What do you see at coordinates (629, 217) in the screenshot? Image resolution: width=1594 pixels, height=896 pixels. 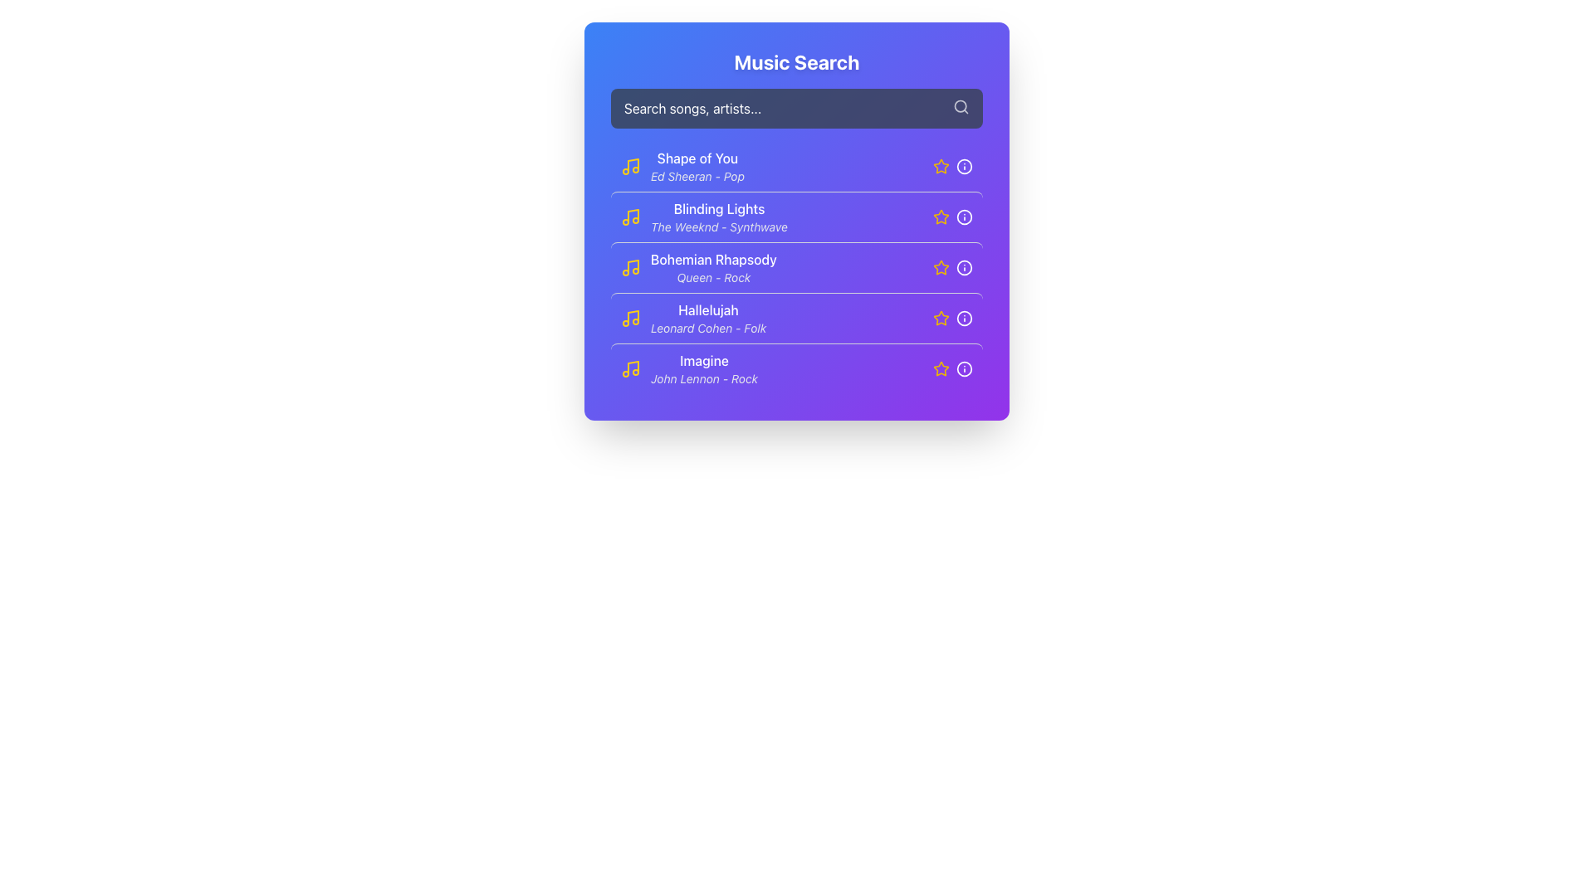 I see `the yellow music icon represented as two interconnected eighth notes, located to the left of the song title 'Blinding Lights' by 'The Weeknd' in the second position of the list` at bounding box center [629, 217].